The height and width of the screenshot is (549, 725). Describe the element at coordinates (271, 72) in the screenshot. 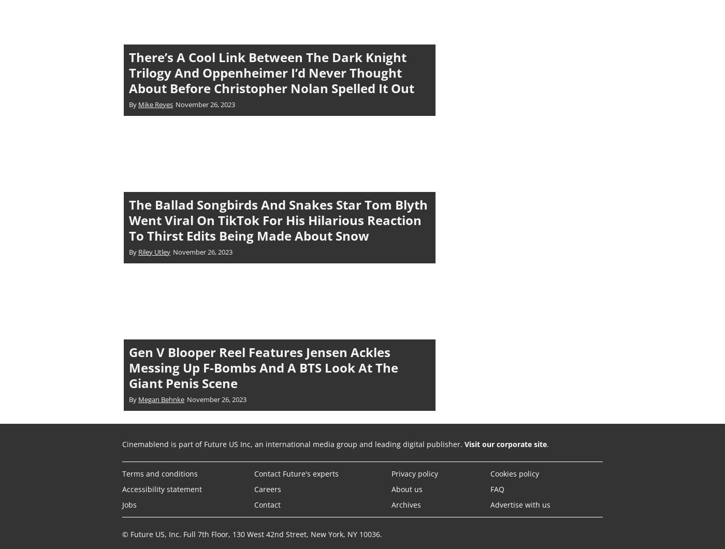

I see `'There’s A Cool Link Between The Dark Knight Trilogy And Oppenheimer I’d Never Thought About Before Christopher Nolan Spelled It Out'` at that location.